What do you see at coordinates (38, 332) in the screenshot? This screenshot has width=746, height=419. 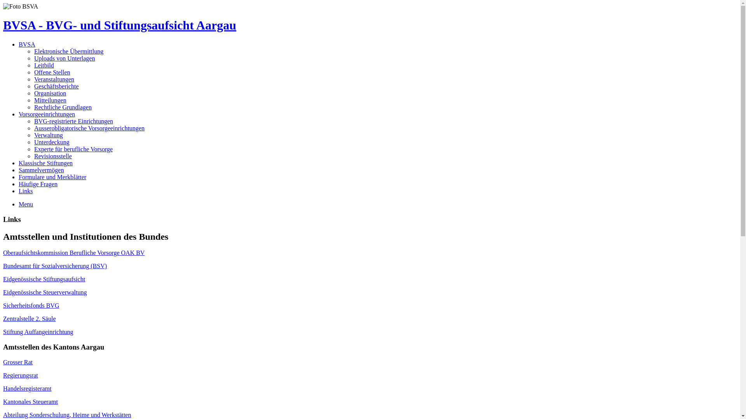 I see `'Stiftung Auffangeinrichtung'` at bounding box center [38, 332].